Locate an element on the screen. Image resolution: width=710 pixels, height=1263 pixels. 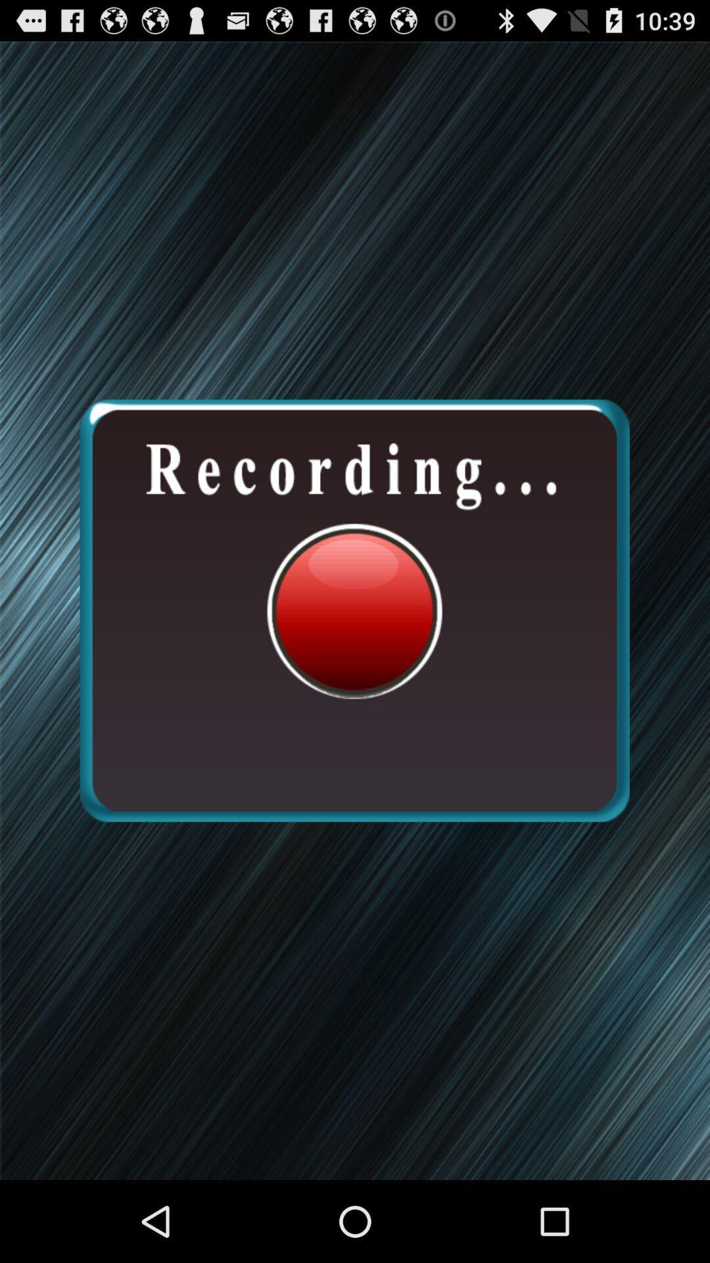
record screen is located at coordinates (354, 610).